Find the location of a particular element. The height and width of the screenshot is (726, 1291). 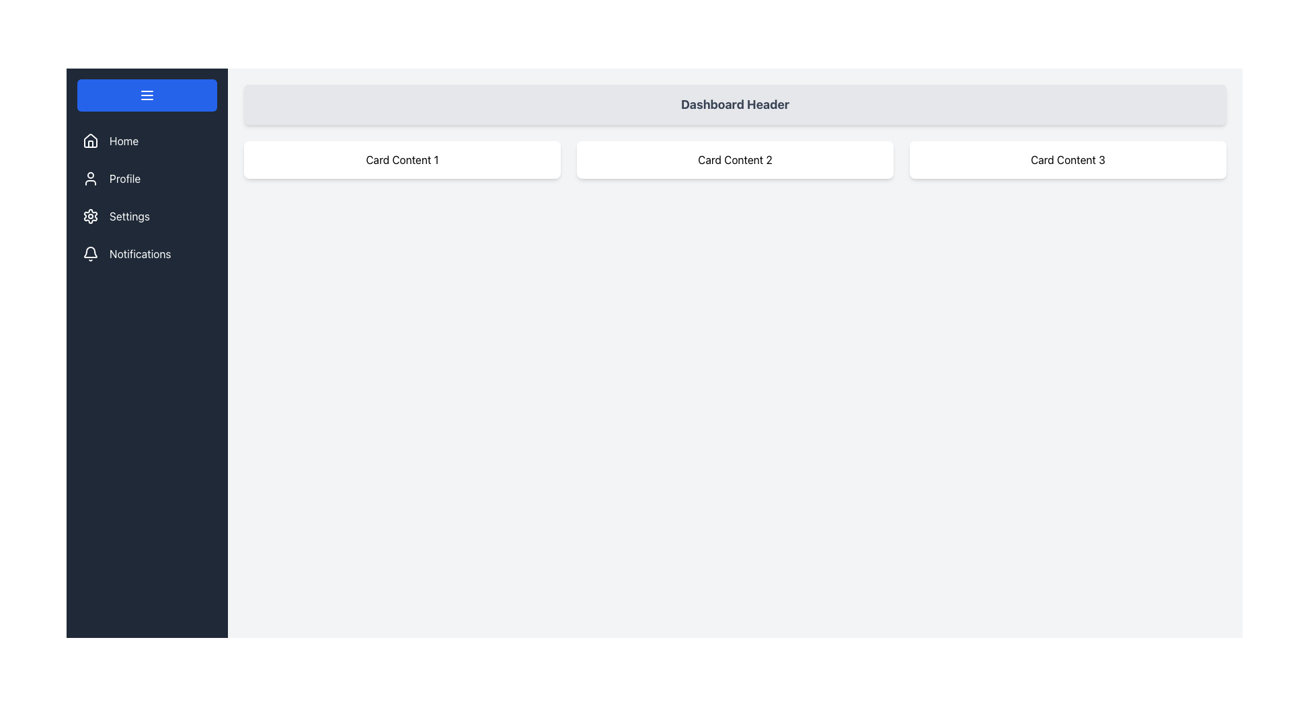

the doorway icon within the house icon in the sidebar is located at coordinates (89, 144).